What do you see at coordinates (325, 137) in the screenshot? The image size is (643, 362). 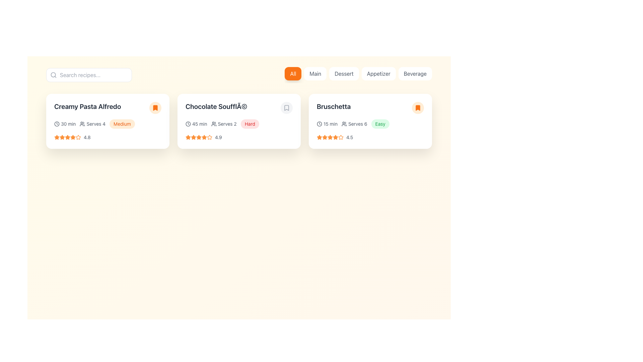 I see `the third star from the left in the series of five stars below the 'Bruschetta' card to rate or view details` at bounding box center [325, 137].